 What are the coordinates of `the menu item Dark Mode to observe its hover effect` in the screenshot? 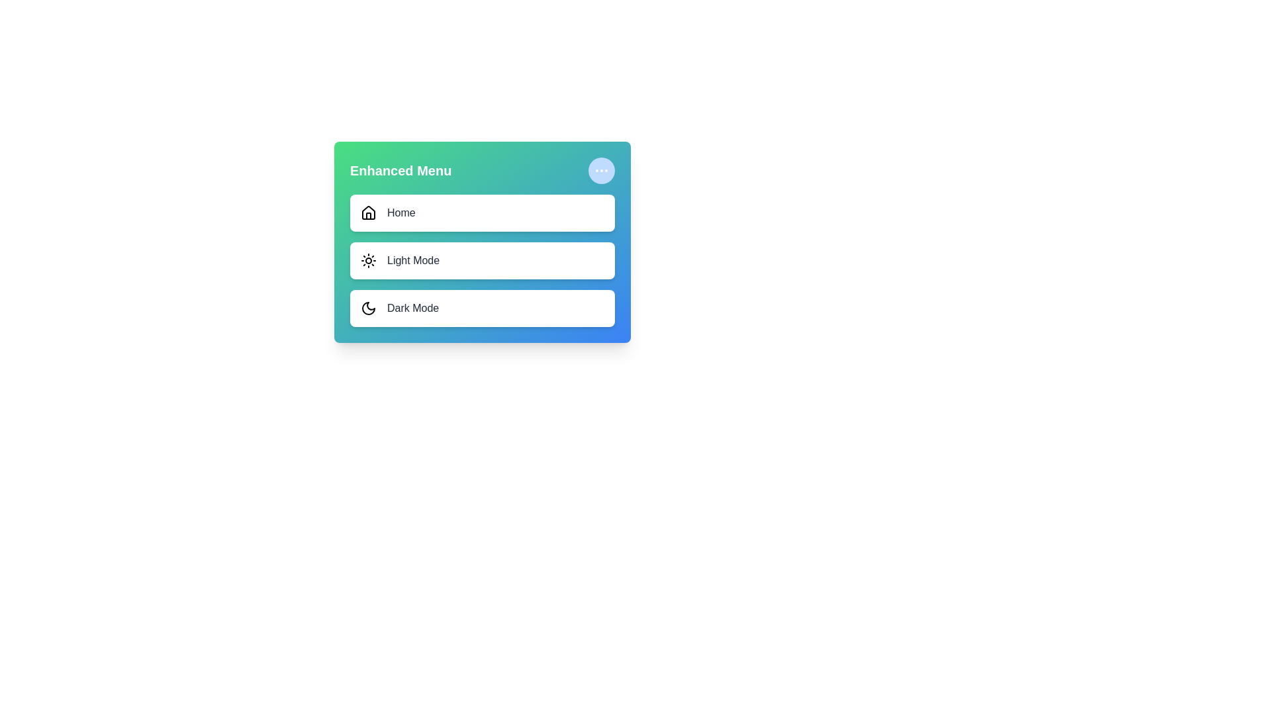 It's located at (482, 309).